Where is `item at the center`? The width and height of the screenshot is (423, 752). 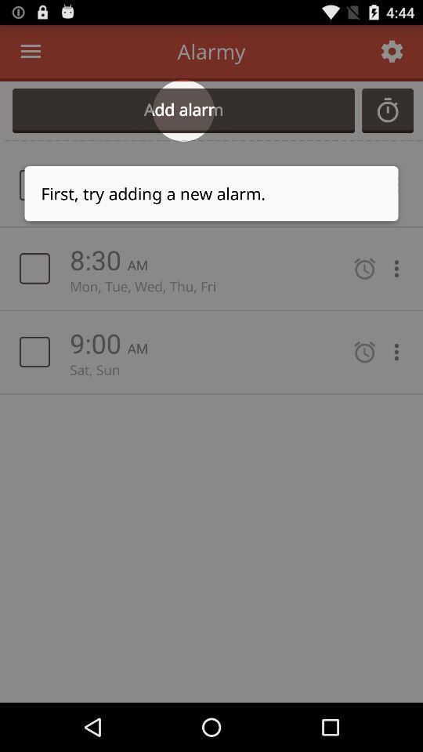 item at the center is located at coordinates (211, 422).